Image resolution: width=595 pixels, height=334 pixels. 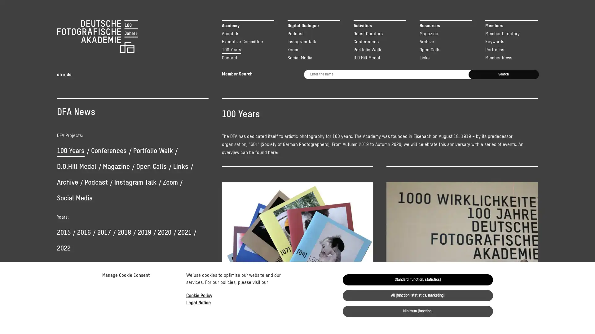 I want to click on All (function, statistics, marketing), so click(x=417, y=295).